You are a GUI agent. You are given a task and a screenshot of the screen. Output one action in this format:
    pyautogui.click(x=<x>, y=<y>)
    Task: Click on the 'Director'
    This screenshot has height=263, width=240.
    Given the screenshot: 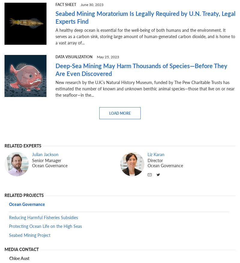 What is the action you would take?
    pyautogui.click(x=155, y=160)
    